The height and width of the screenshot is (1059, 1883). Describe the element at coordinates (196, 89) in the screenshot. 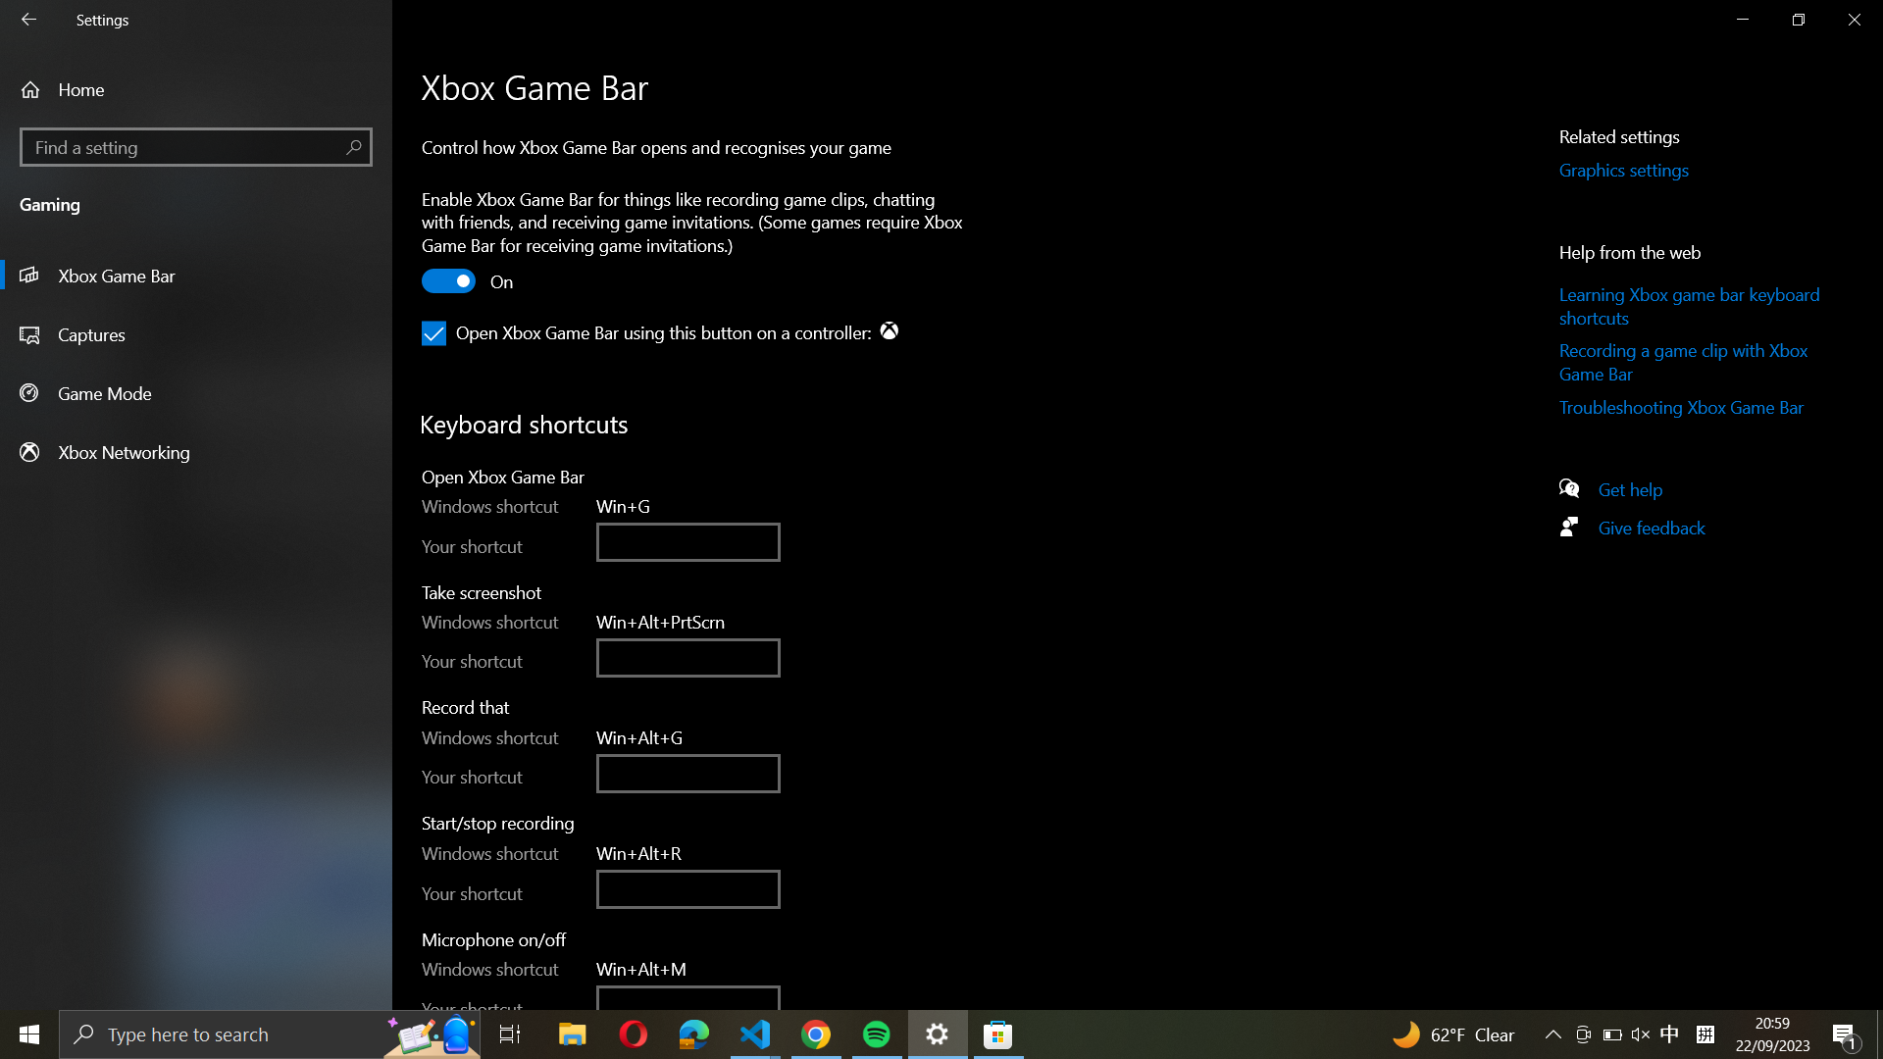

I see `the house-shaped icon to access Home page in settings` at that location.